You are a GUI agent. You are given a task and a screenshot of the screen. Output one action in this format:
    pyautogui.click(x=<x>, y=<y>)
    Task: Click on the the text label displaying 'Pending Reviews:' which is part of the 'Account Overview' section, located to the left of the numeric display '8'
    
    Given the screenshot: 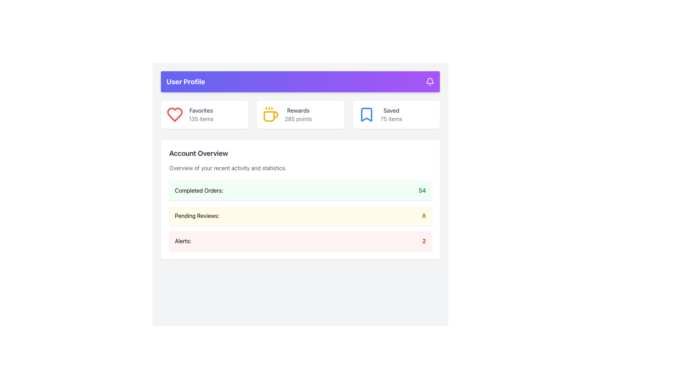 What is the action you would take?
    pyautogui.click(x=197, y=215)
    